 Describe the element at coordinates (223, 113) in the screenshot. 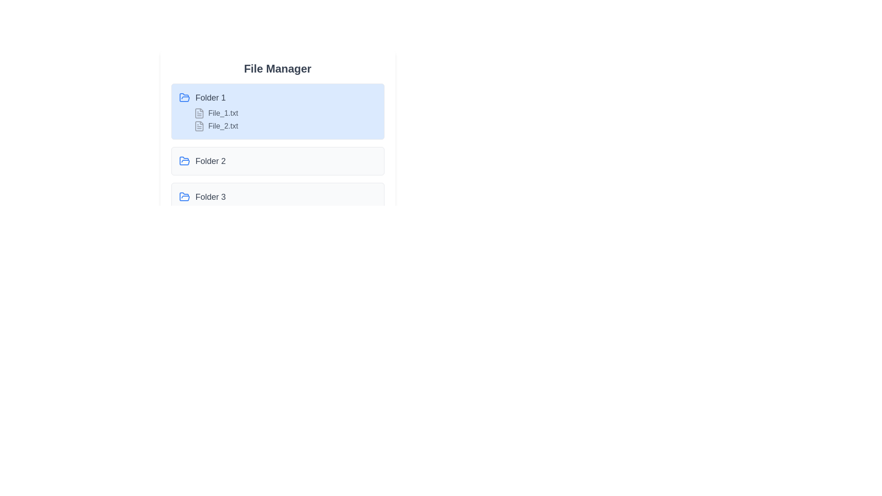

I see `the text label displaying 'File_1.txt'` at that location.